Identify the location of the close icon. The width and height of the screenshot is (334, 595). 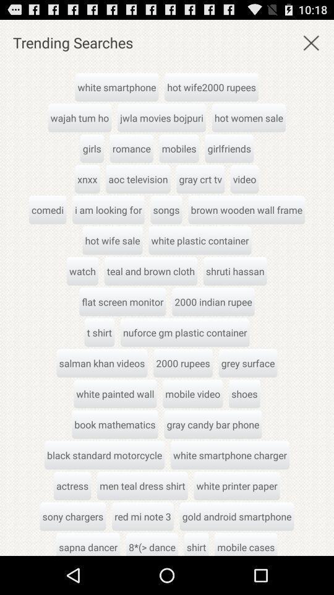
(310, 45).